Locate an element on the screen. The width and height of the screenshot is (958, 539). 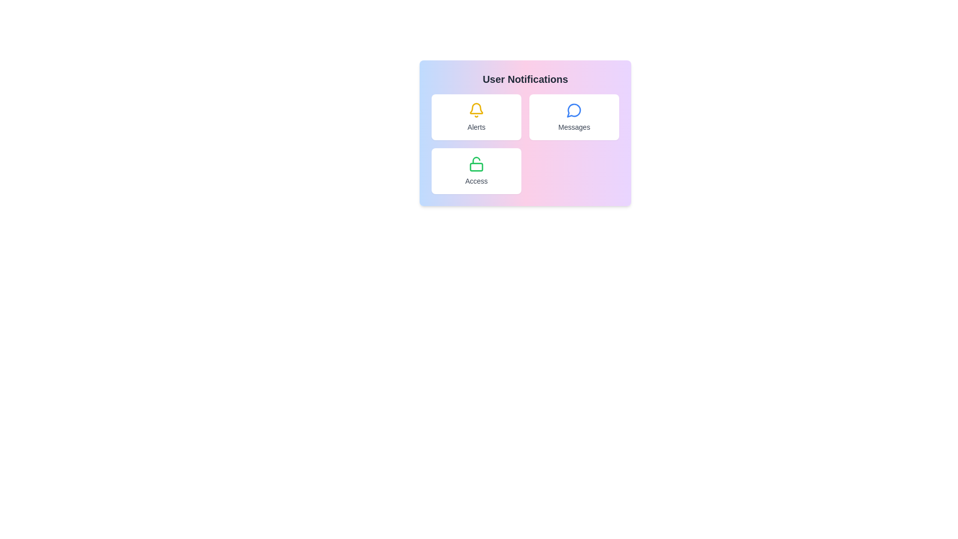
the speech bubble icon with a blue outline, located above the 'Messages' text is located at coordinates (574, 110).